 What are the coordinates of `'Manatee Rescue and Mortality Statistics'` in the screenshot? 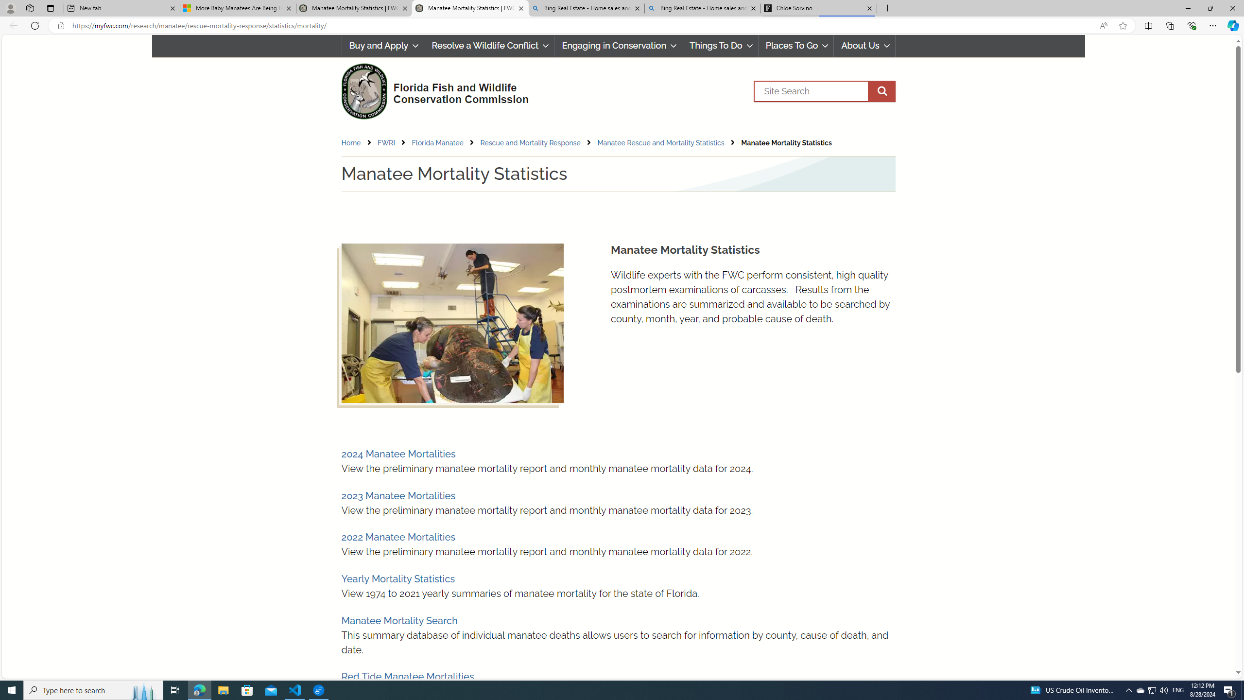 It's located at (660, 143).